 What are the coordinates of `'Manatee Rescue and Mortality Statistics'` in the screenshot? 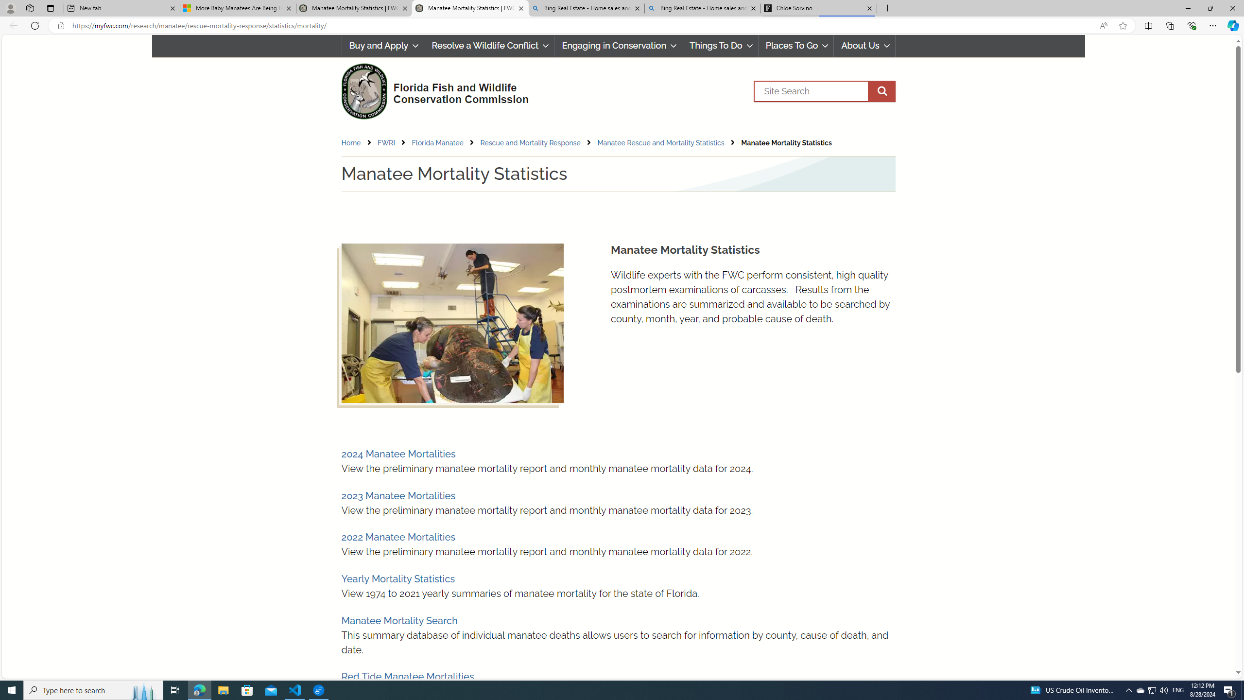 It's located at (660, 143).